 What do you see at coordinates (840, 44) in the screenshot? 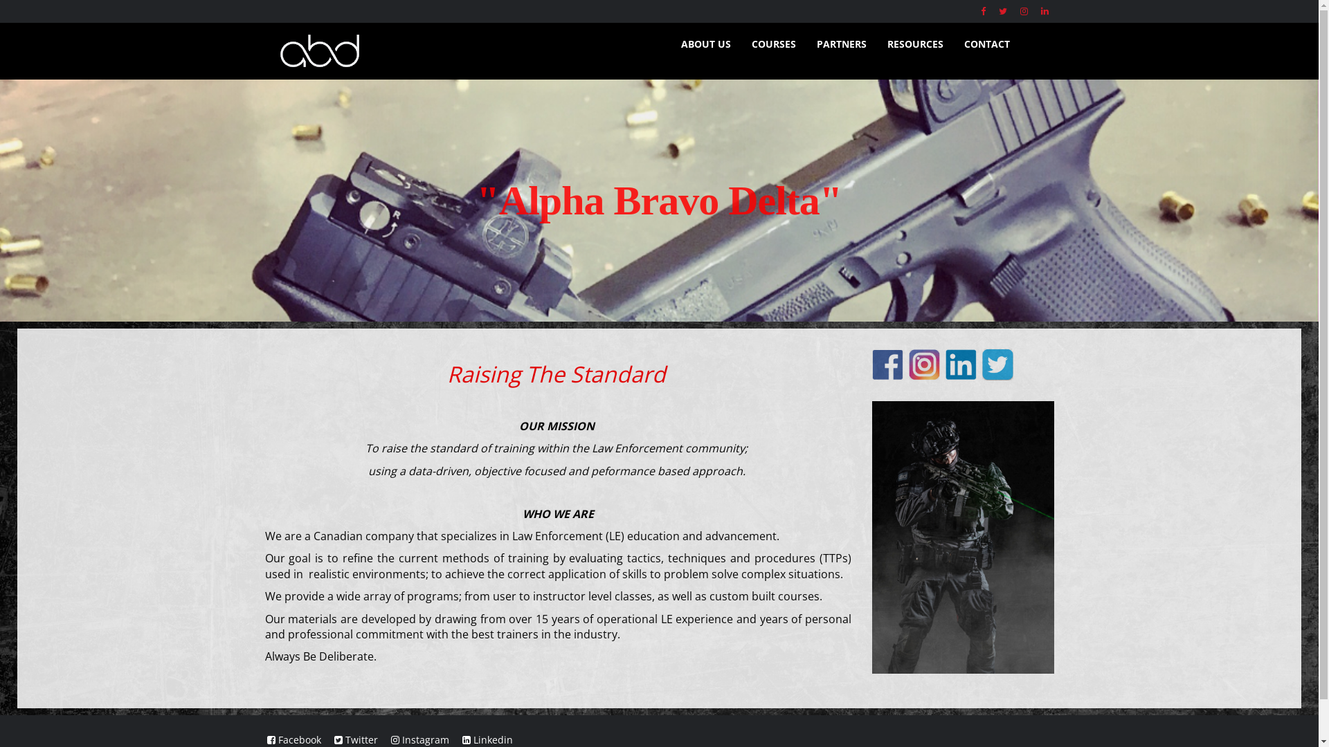
I see `'PARTNERS'` at bounding box center [840, 44].